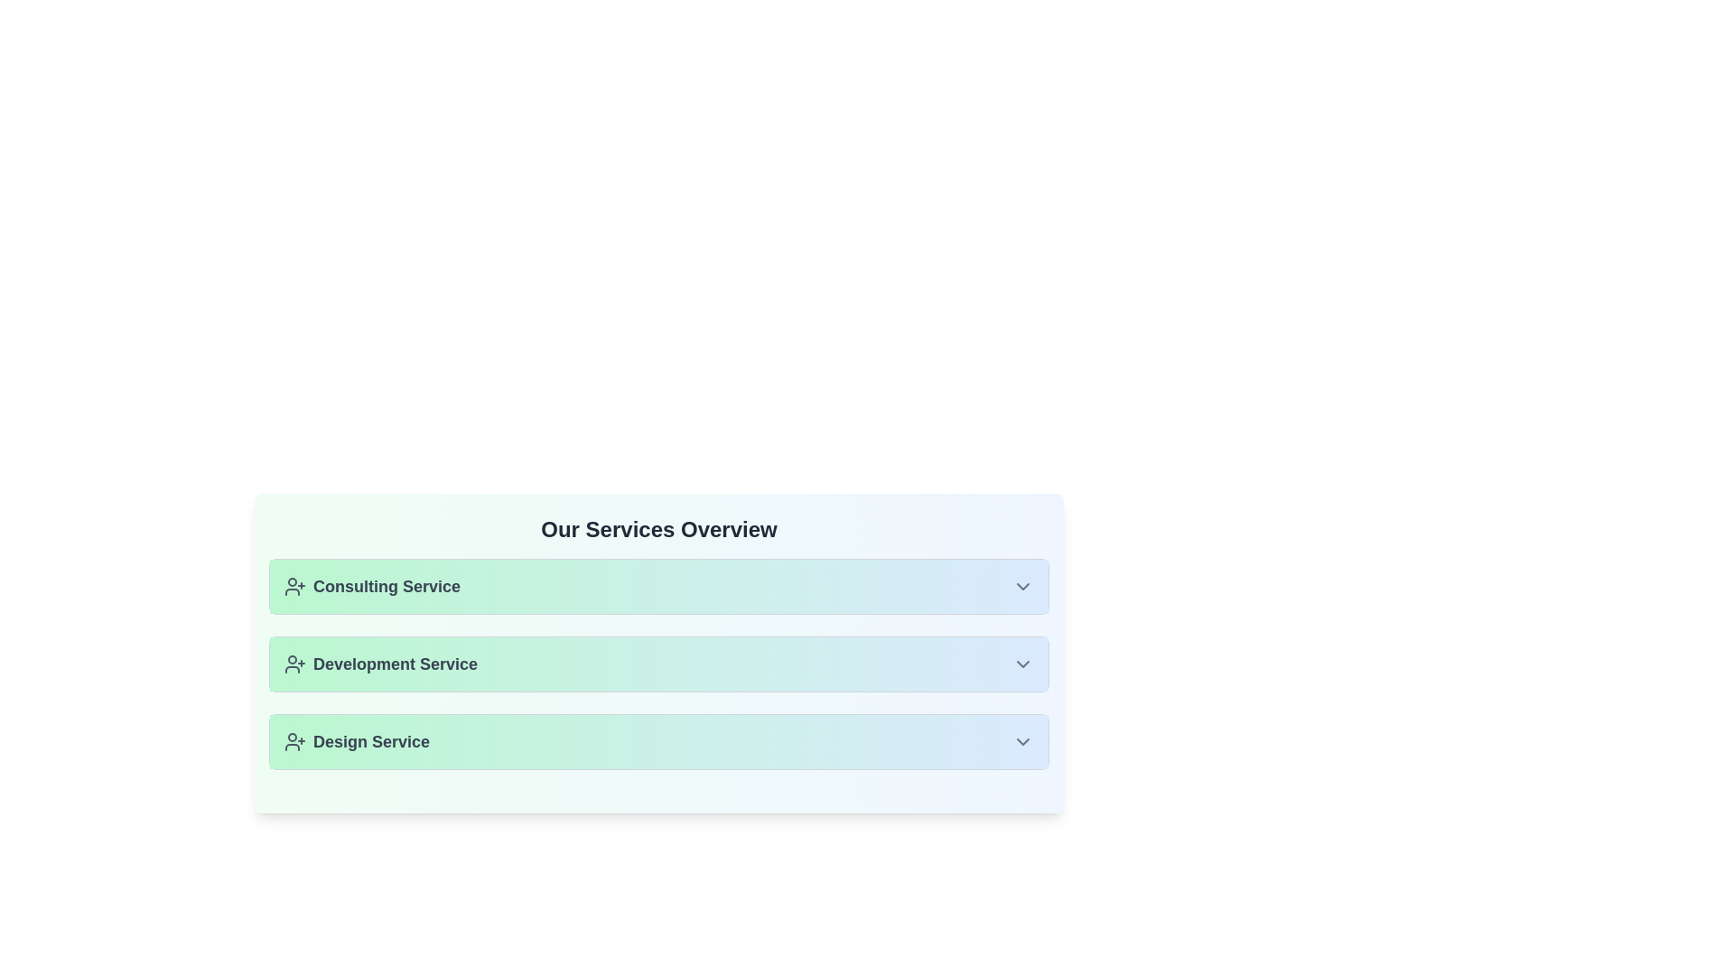 This screenshot has height=975, width=1734. What do you see at coordinates (294, 587) in the screenshot?
I see `the icon representing 'adding a user or consulting service' located to the left of the text 'Consulting Service' in the first item of the 'Our Services Overview' list` at bounding box center [294, 587].